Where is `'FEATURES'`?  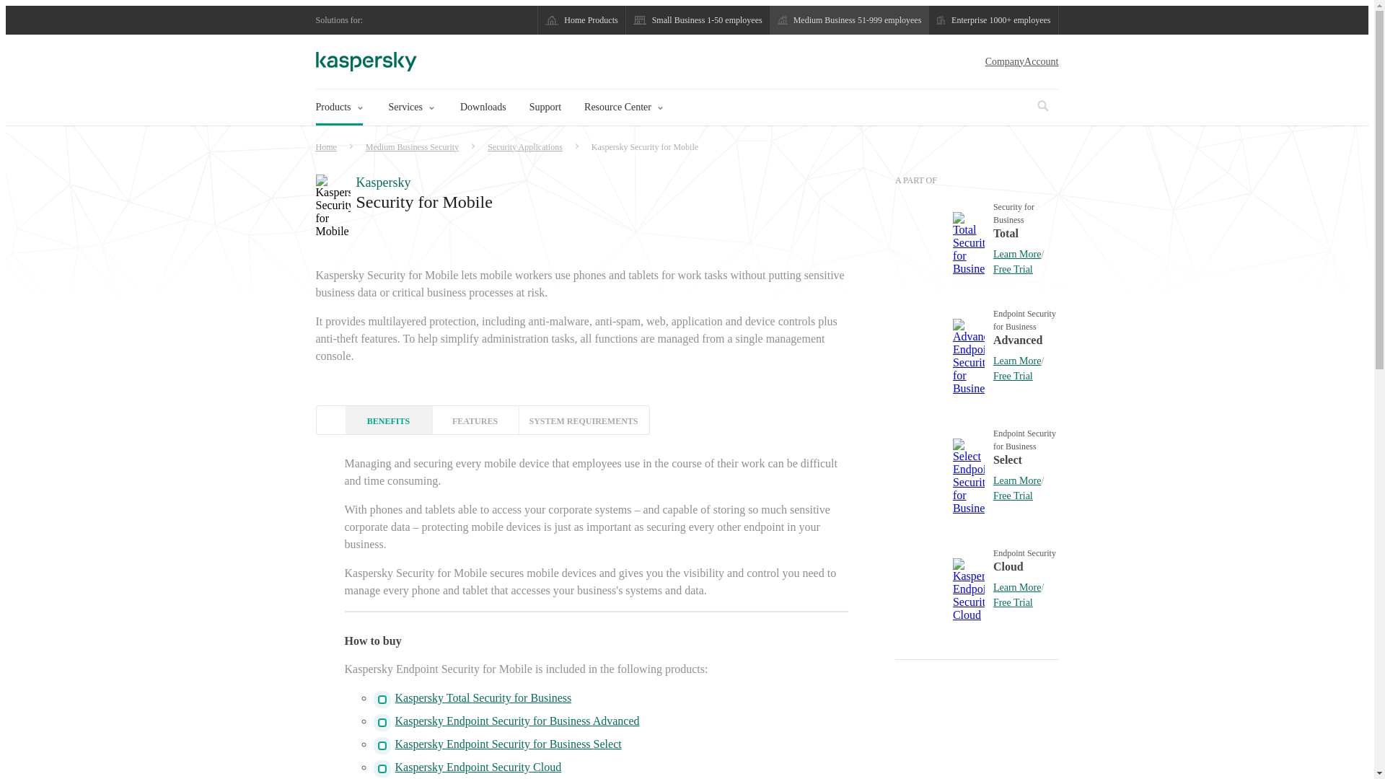 'FEATURES' is located at coordinates (474, 420).